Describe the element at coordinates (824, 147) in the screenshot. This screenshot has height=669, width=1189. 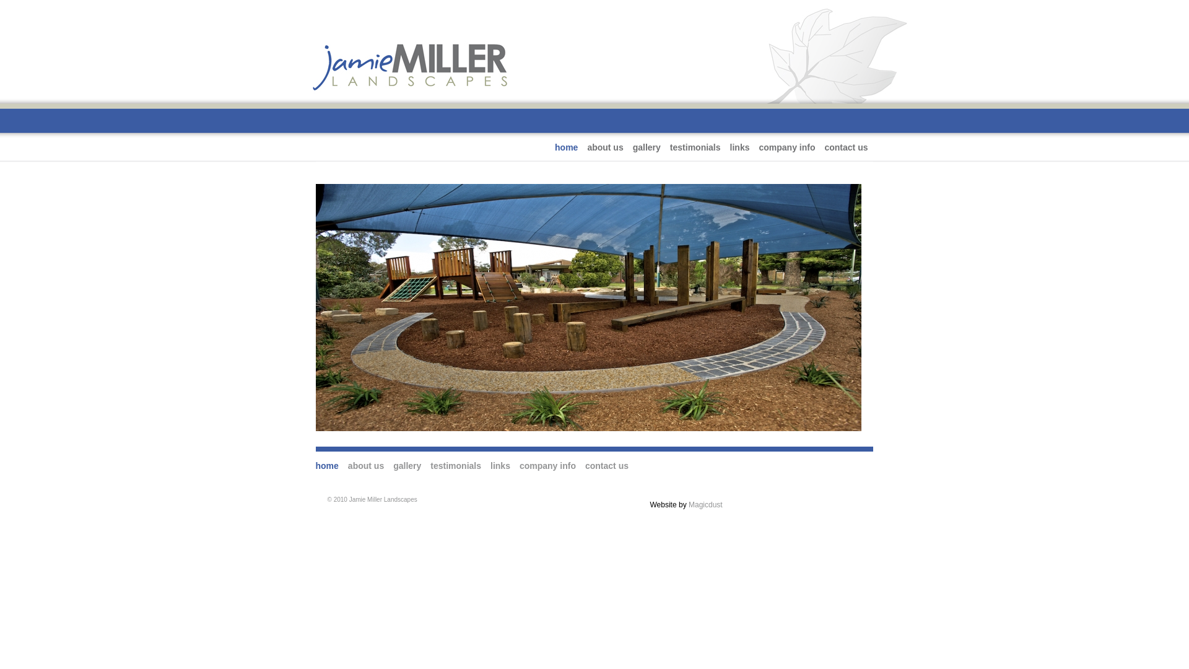
I see `'contact us'` at that location.